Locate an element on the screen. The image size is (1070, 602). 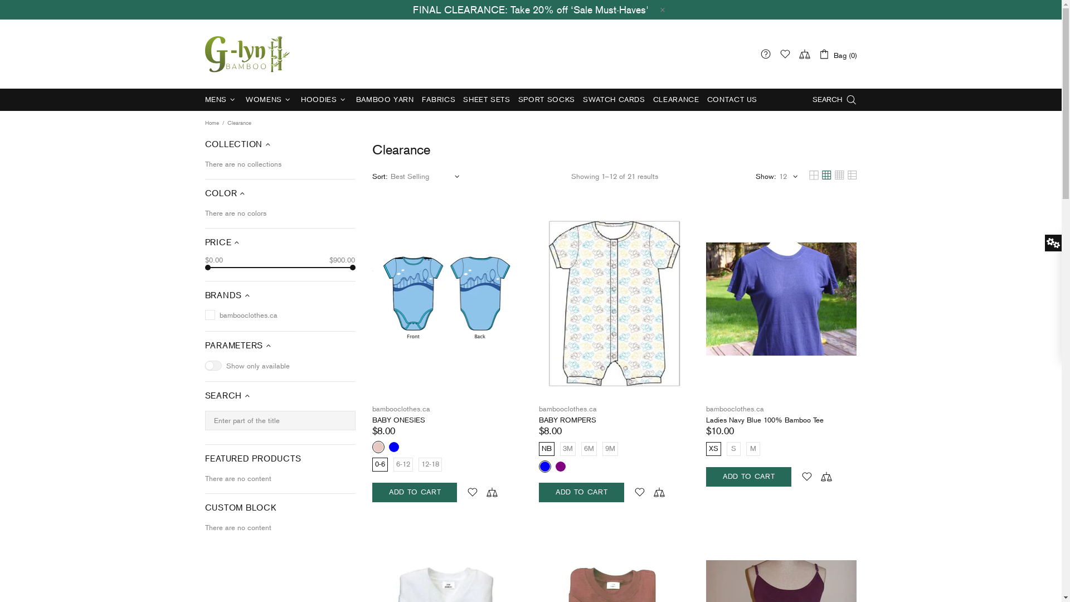
'SEARCH' is located at coordinates (834, 99).